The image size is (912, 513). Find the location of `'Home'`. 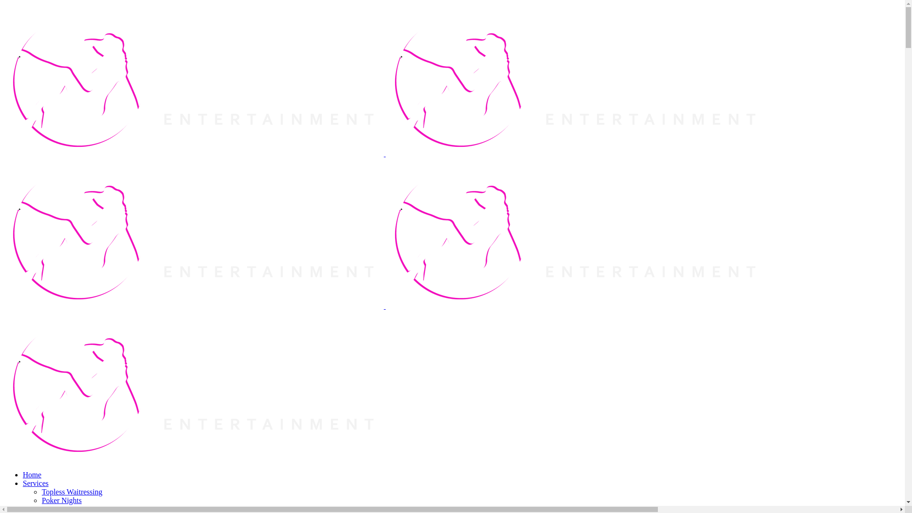

'Home' is located at coordinates (32, 475).